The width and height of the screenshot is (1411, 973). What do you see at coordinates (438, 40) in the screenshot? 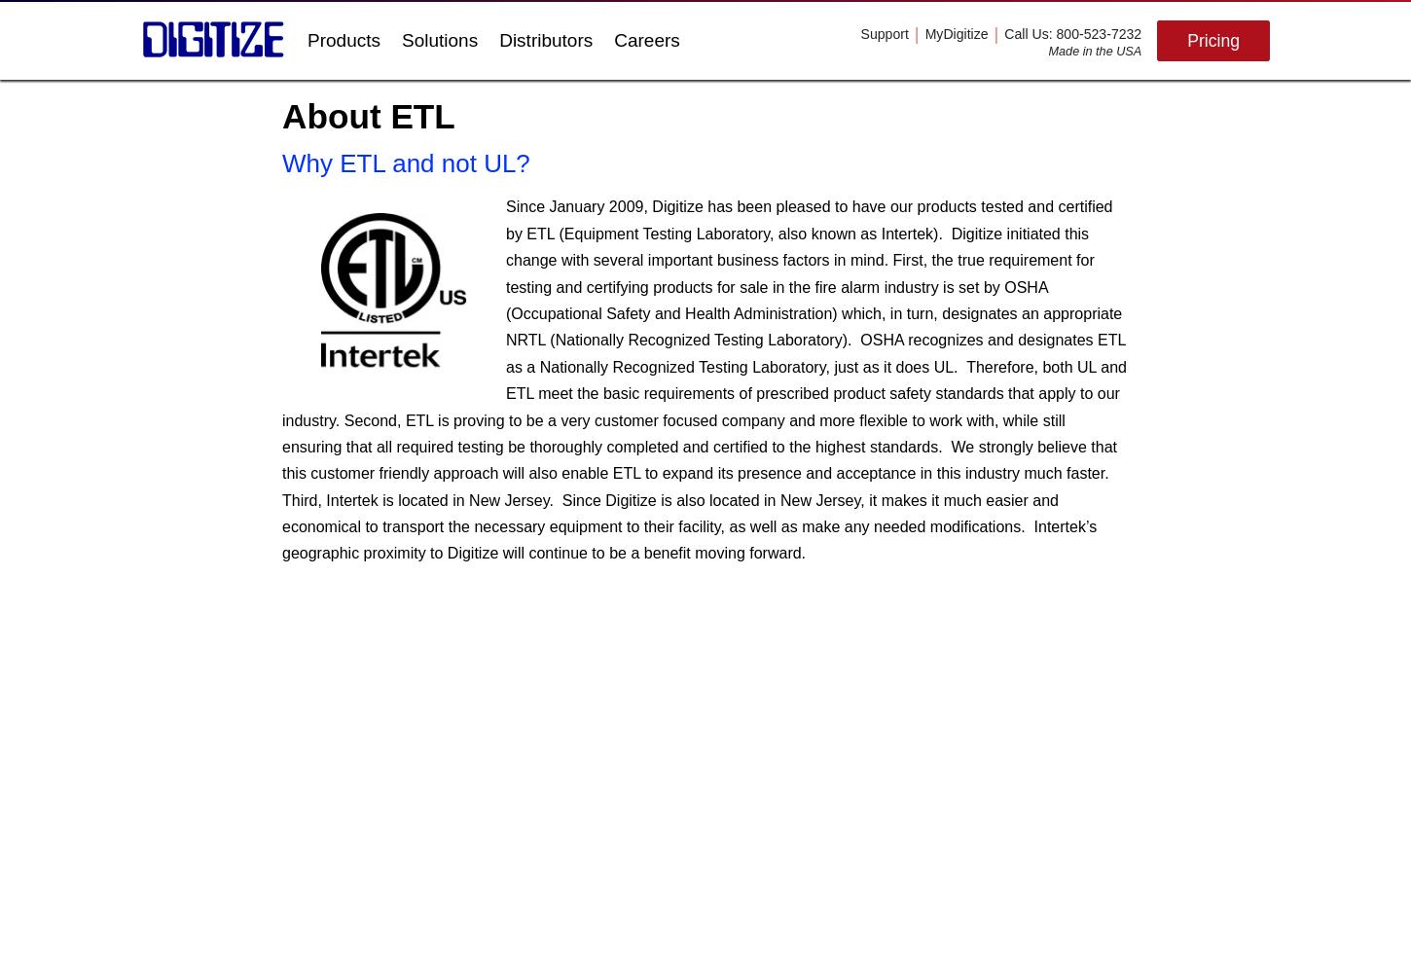
I see `'Solutions'` at bounding box center [438, 40].